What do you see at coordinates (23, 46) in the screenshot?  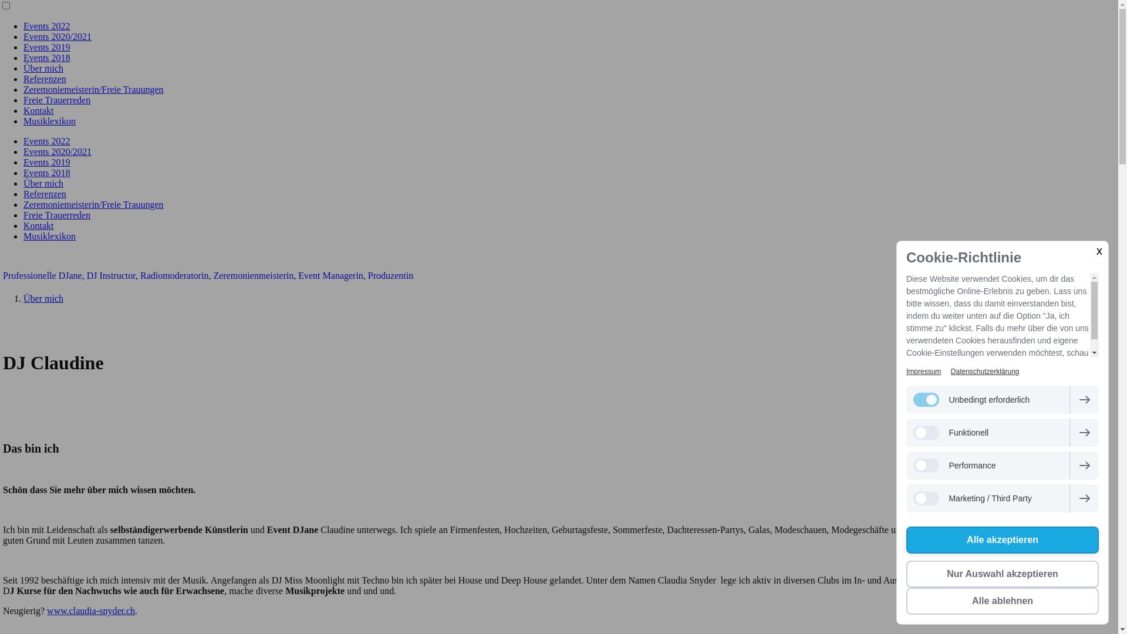 I see `'Events 2019'` at bounding box center [23, 46].